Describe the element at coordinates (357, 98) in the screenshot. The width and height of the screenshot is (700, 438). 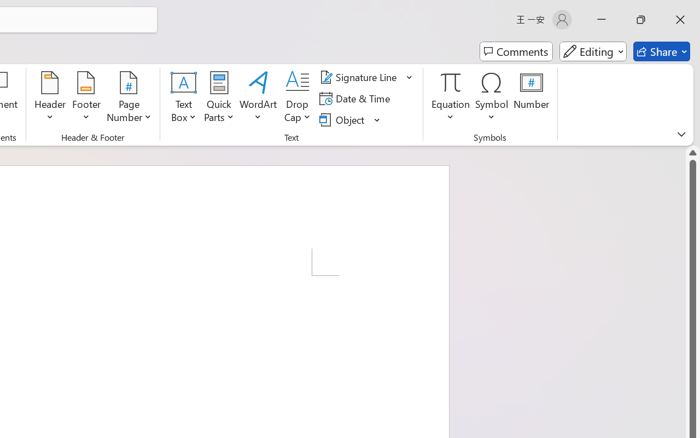
I see `'Date & Time...'` at that location.